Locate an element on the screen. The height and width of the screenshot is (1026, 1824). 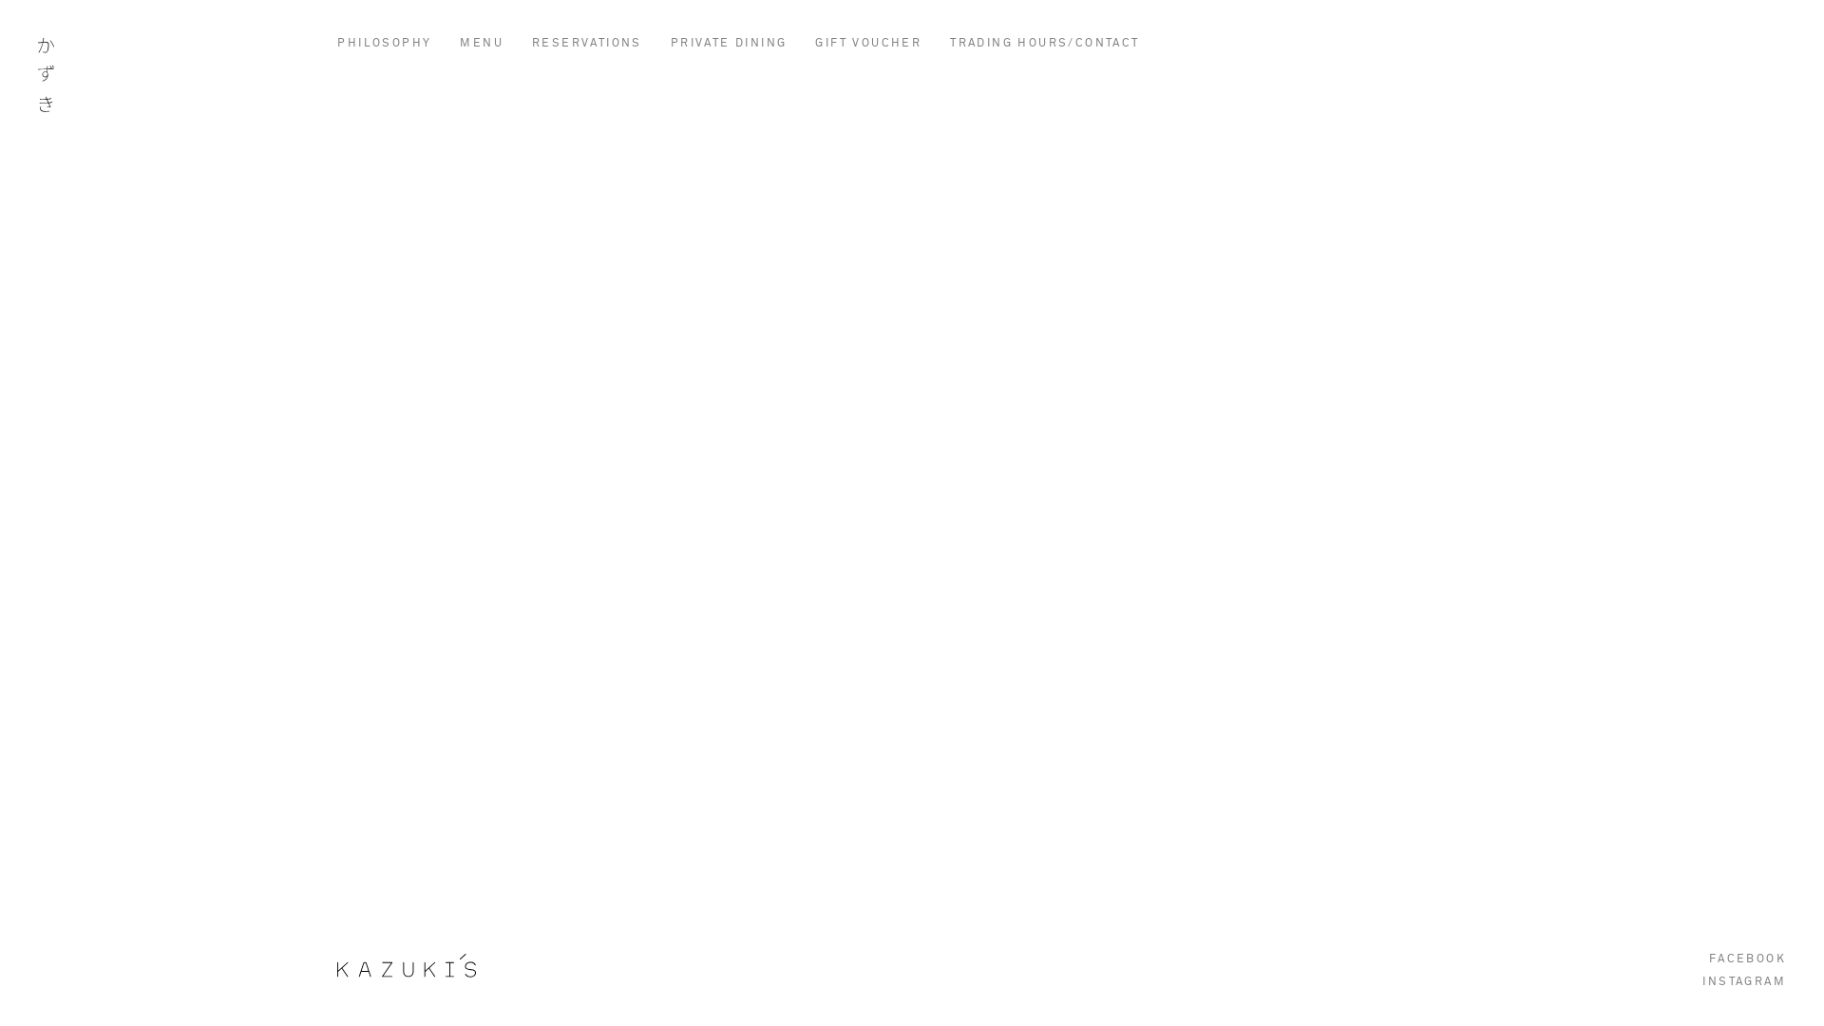
'MENU' is located at coordinates (482, 43).